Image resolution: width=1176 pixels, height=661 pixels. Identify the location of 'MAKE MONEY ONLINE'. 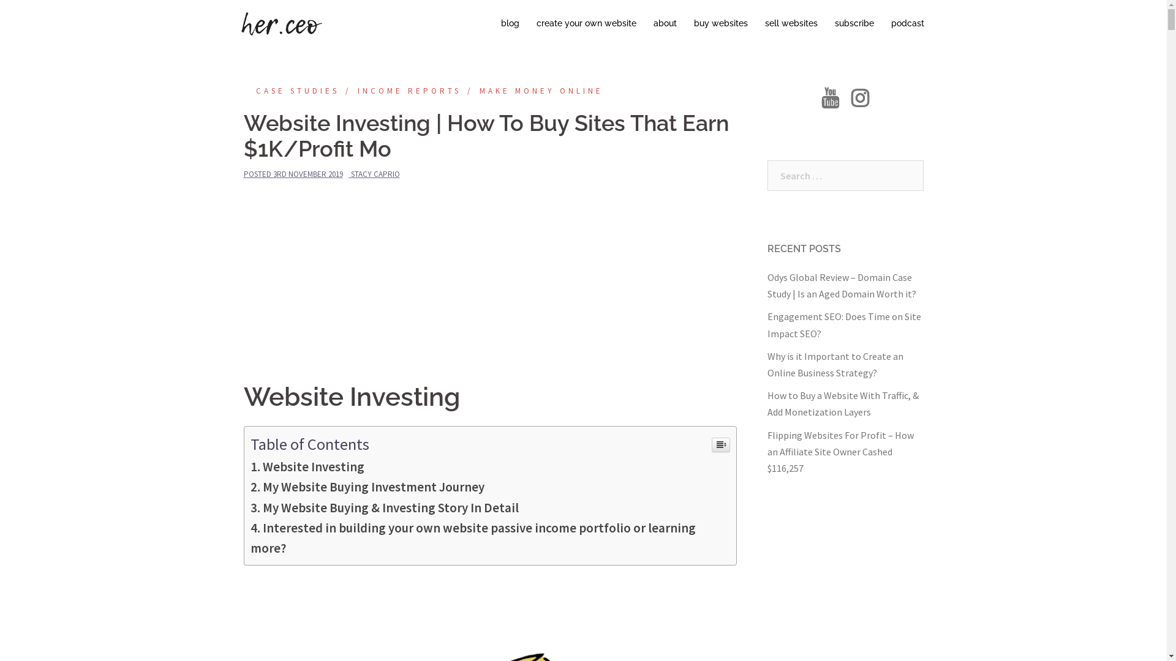
(532, 90).